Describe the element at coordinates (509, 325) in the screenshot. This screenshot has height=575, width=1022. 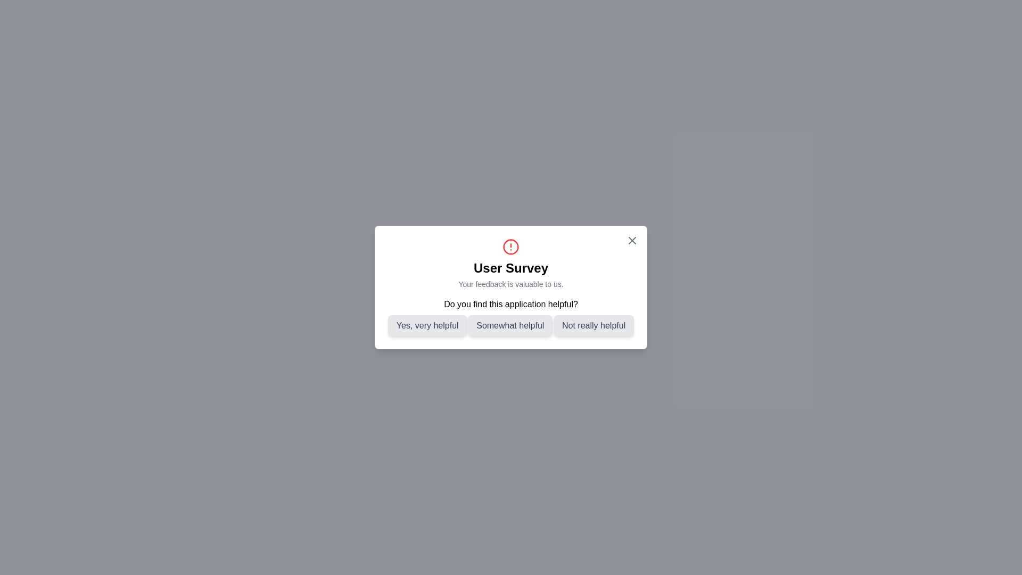
I see `the 'Somewhat helpful' button, which is the second button in a horizontal group of three buttons at the bottom of a modal dialog window` at that location.